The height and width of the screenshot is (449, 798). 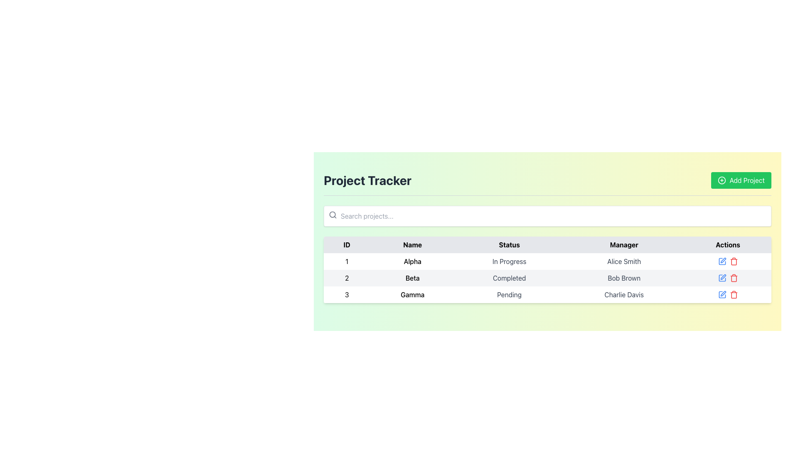 I want to click on the add icon, which is a small green circle with a plus sign, located next to the 'Add Project' button in the project tracker interface, so click(x=722, y=180).